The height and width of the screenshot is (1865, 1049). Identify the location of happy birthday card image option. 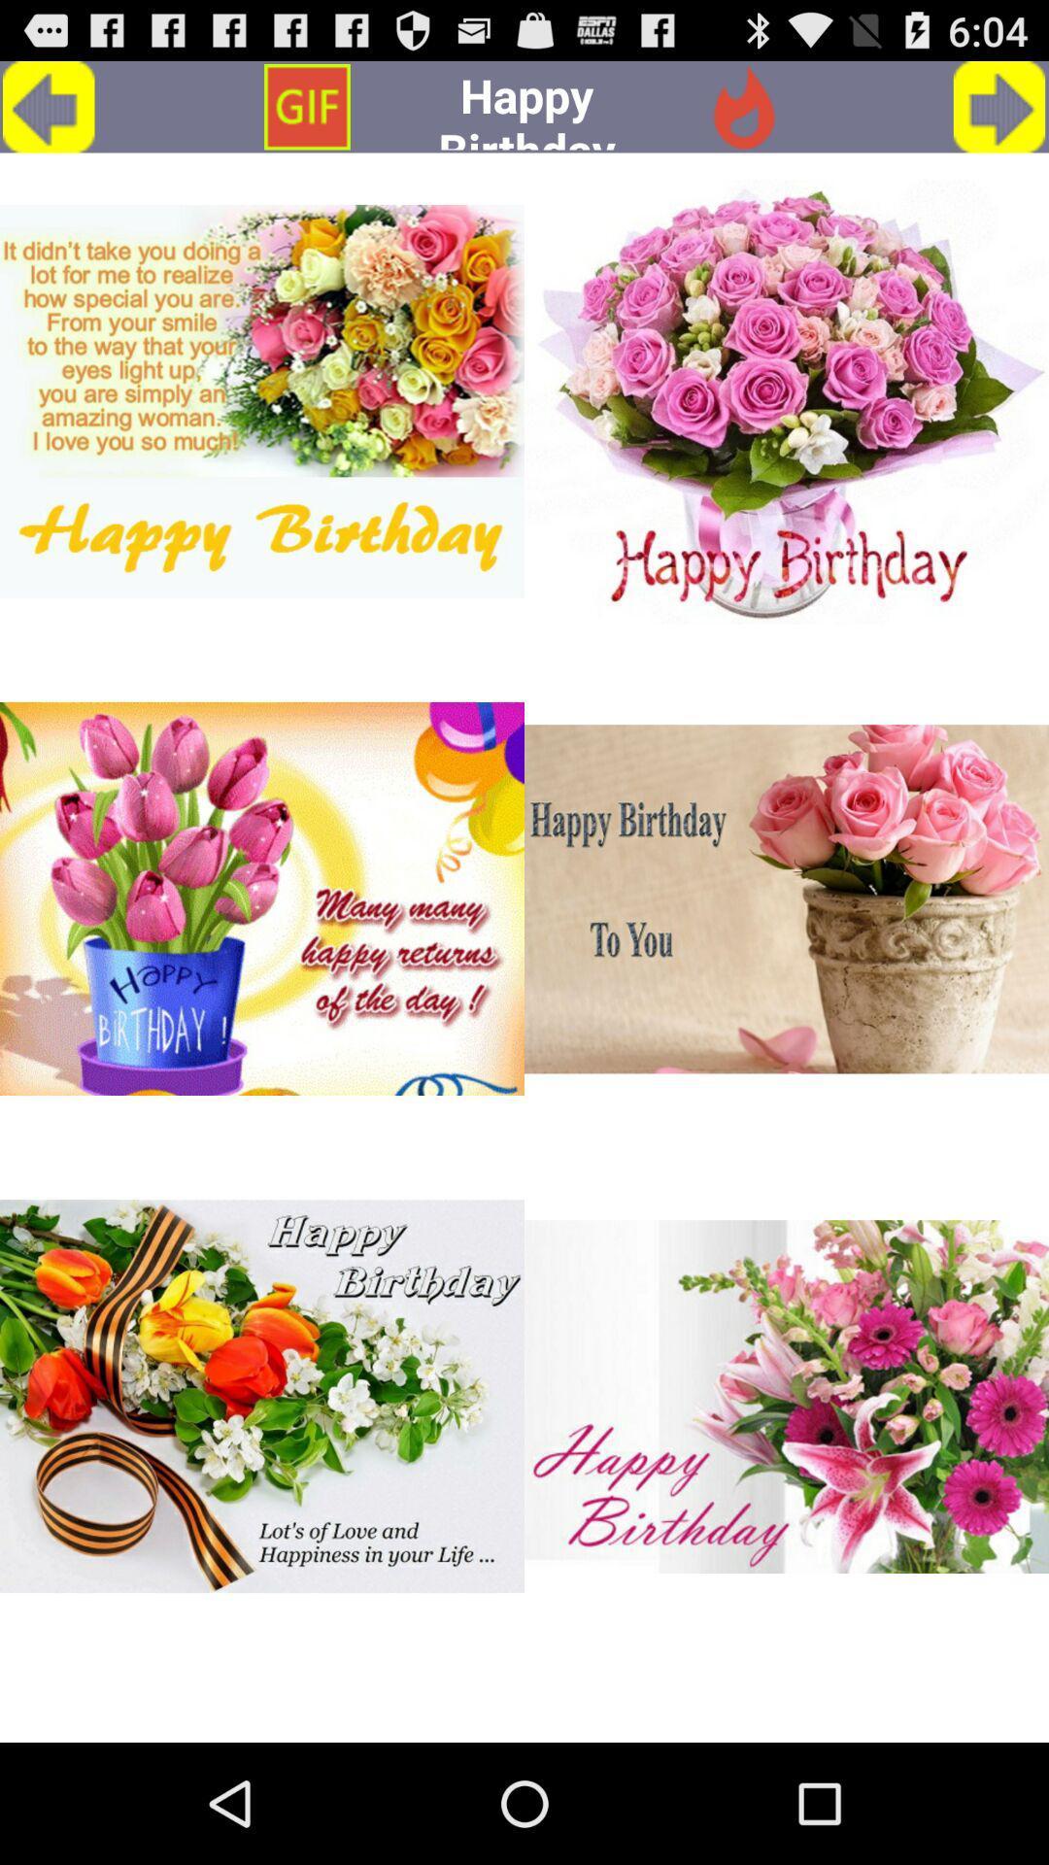
(787, 1396).